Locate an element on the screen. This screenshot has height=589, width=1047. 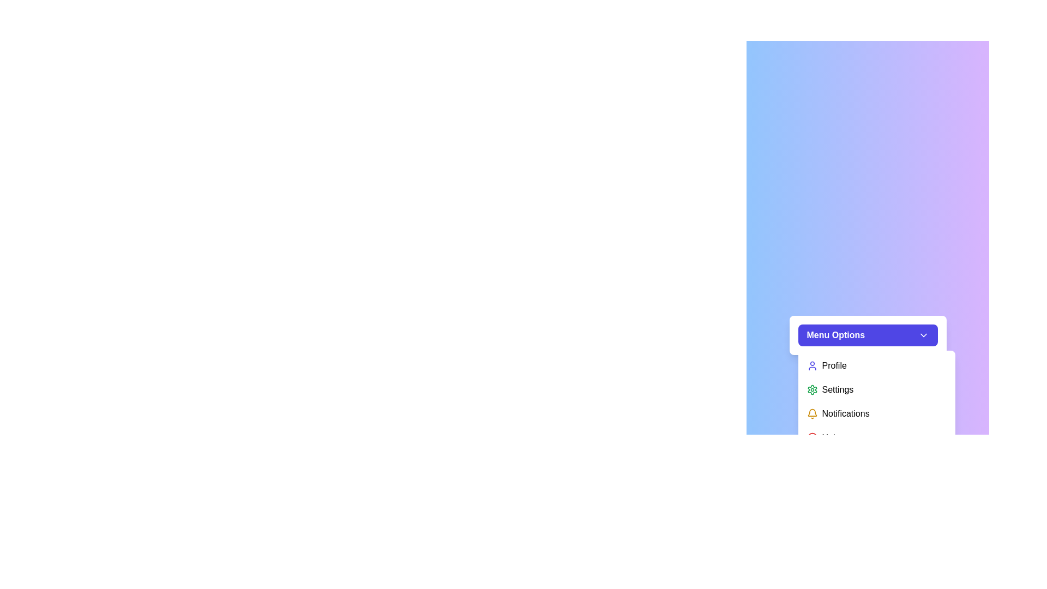
the bell icon for notifications located in the list row labeled 'Notifications', positioned to the left of the text label is located at coordinates (812, 414).